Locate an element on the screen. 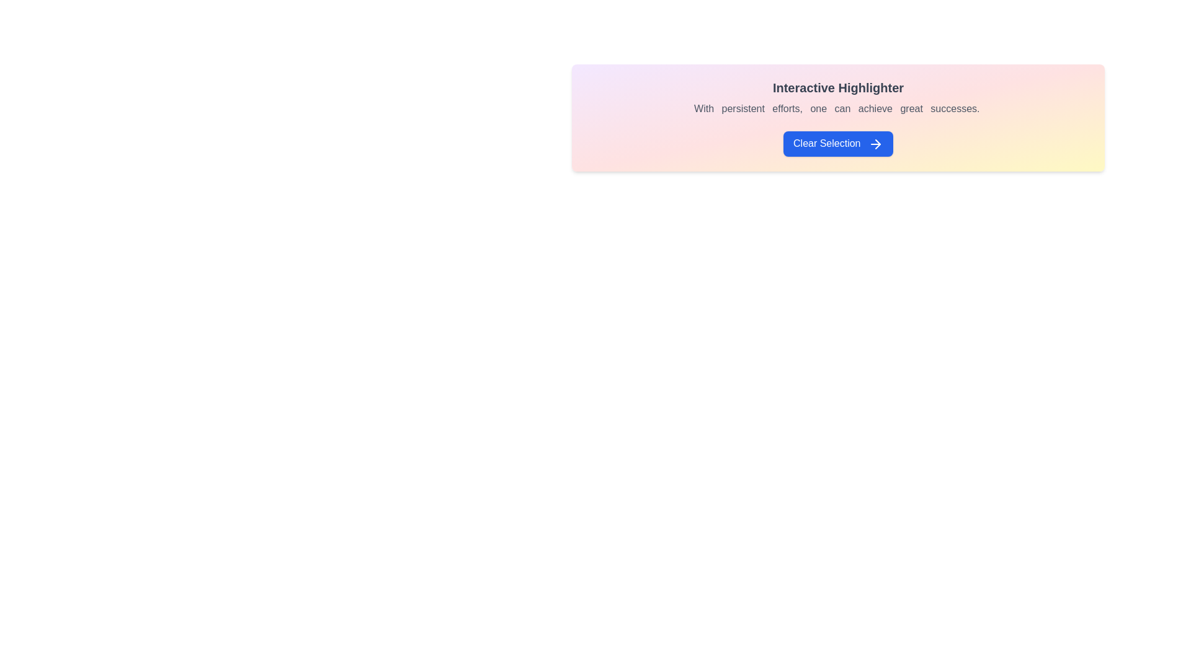 This screenshot has width=1191, height=669. the Text Label that is the seventh word in the sentence 'With persistent efforts, one can achieve great successes.' to change the background color is located at coordinates (912, 108).